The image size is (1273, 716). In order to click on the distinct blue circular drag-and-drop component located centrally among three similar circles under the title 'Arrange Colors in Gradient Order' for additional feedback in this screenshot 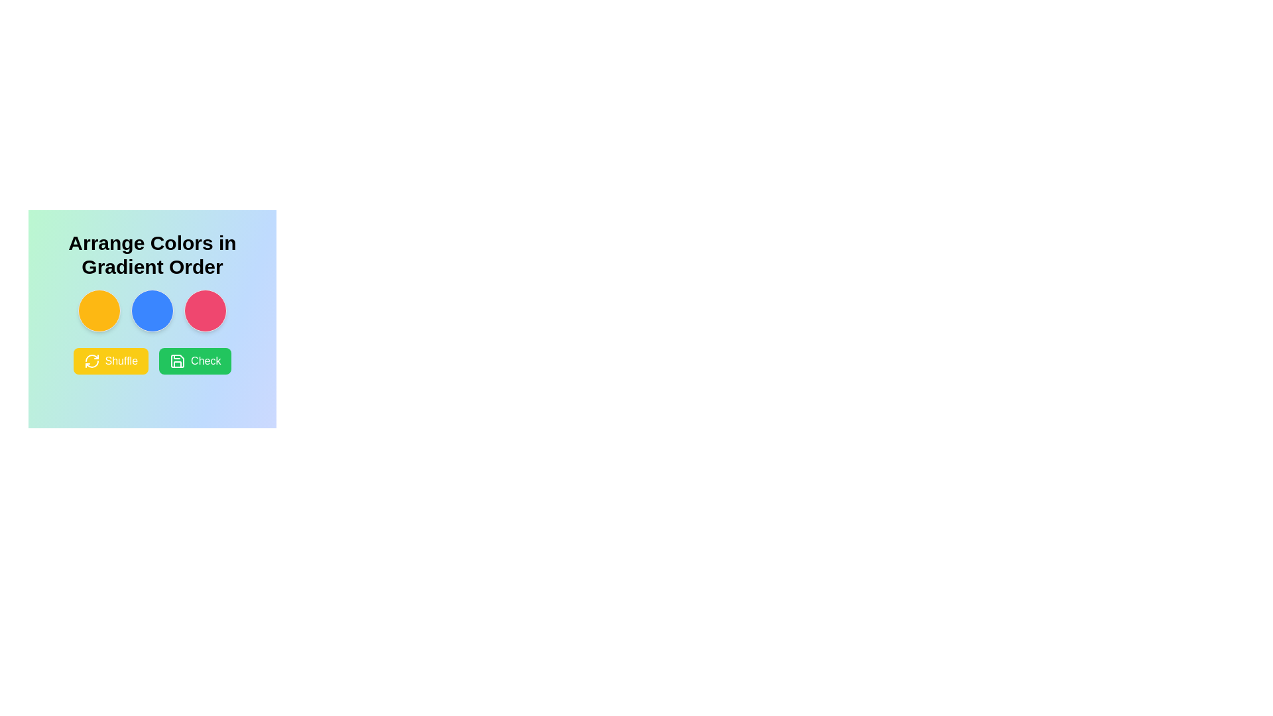, I will do `click(152, 311)`.